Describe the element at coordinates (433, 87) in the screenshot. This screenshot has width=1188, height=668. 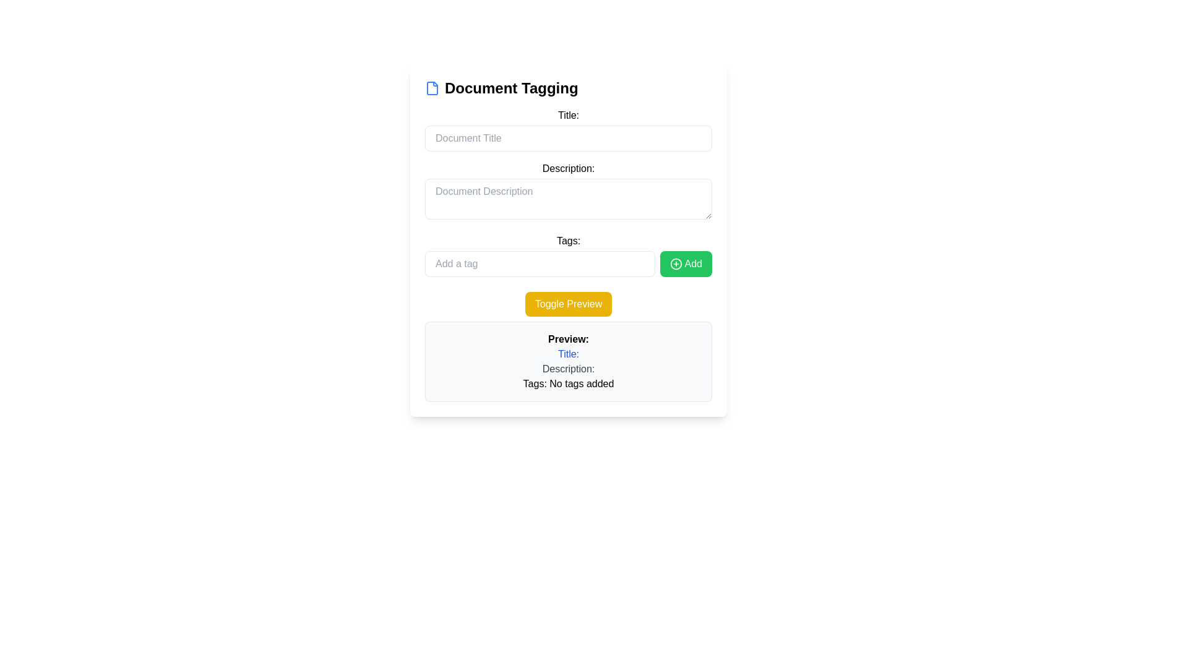
I see `the file icon located in the document tagging section, which is a simplified outline of a file or document with a folded corner, positioned to the left of the title 'Document Tagging'` at that location.